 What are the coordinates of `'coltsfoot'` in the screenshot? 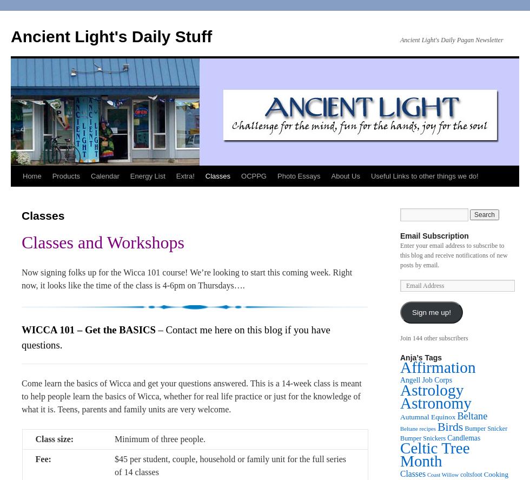 It's located at (471, 474).